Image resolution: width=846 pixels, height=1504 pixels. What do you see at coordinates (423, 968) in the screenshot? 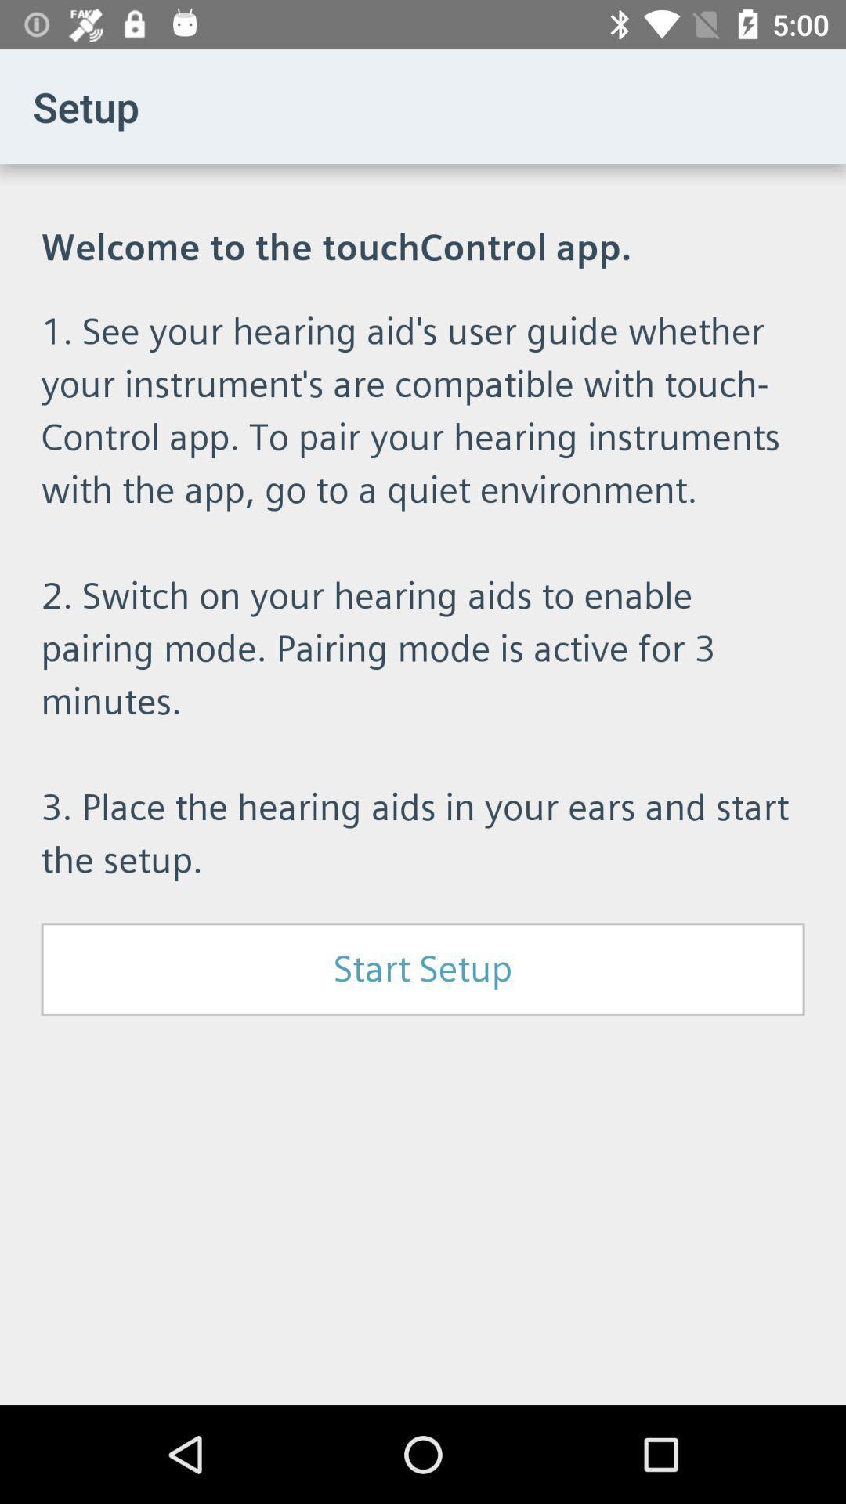
I see `the start setup item` at bounding box center [423, 968].